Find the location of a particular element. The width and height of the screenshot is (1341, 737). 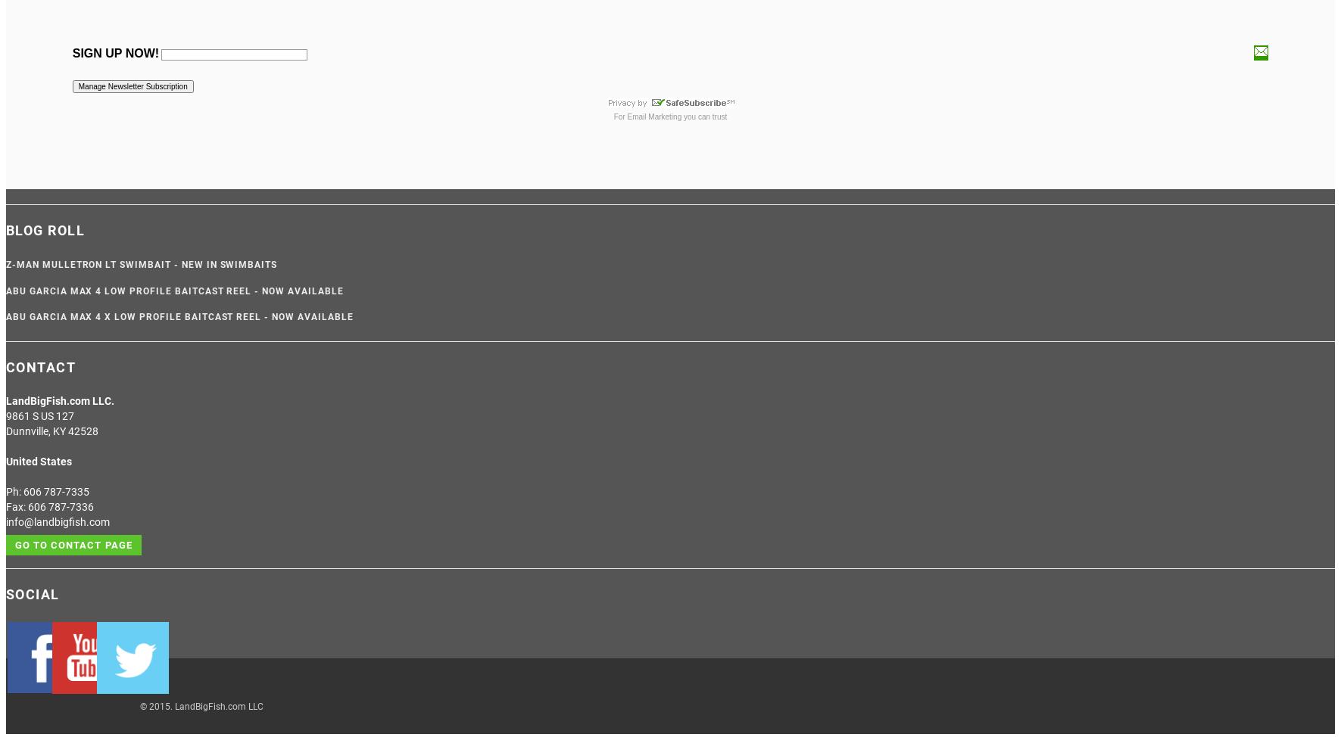

'9861 S US 127' is located at coordinates (39, 416).